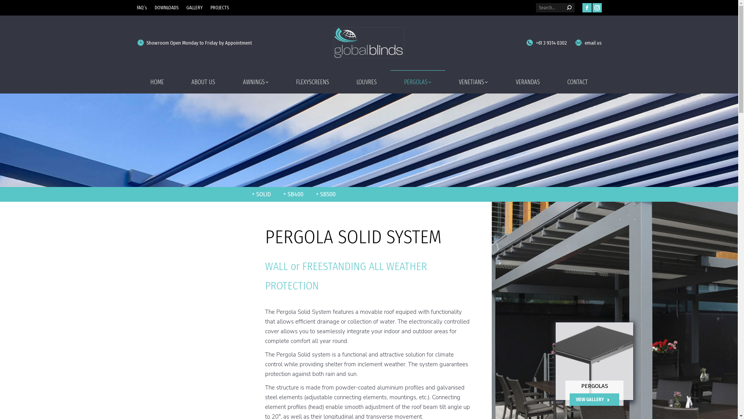  Describe the element at coordinates (194, 7) in the screenshot. I see `'GALLERY'` at that location.